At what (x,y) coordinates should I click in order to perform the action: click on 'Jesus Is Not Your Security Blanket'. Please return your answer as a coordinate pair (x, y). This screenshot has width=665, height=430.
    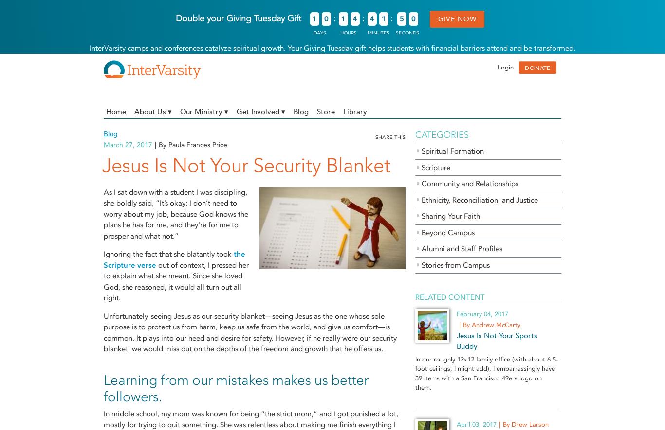
    Looking at the image, I should click on (246, 165).